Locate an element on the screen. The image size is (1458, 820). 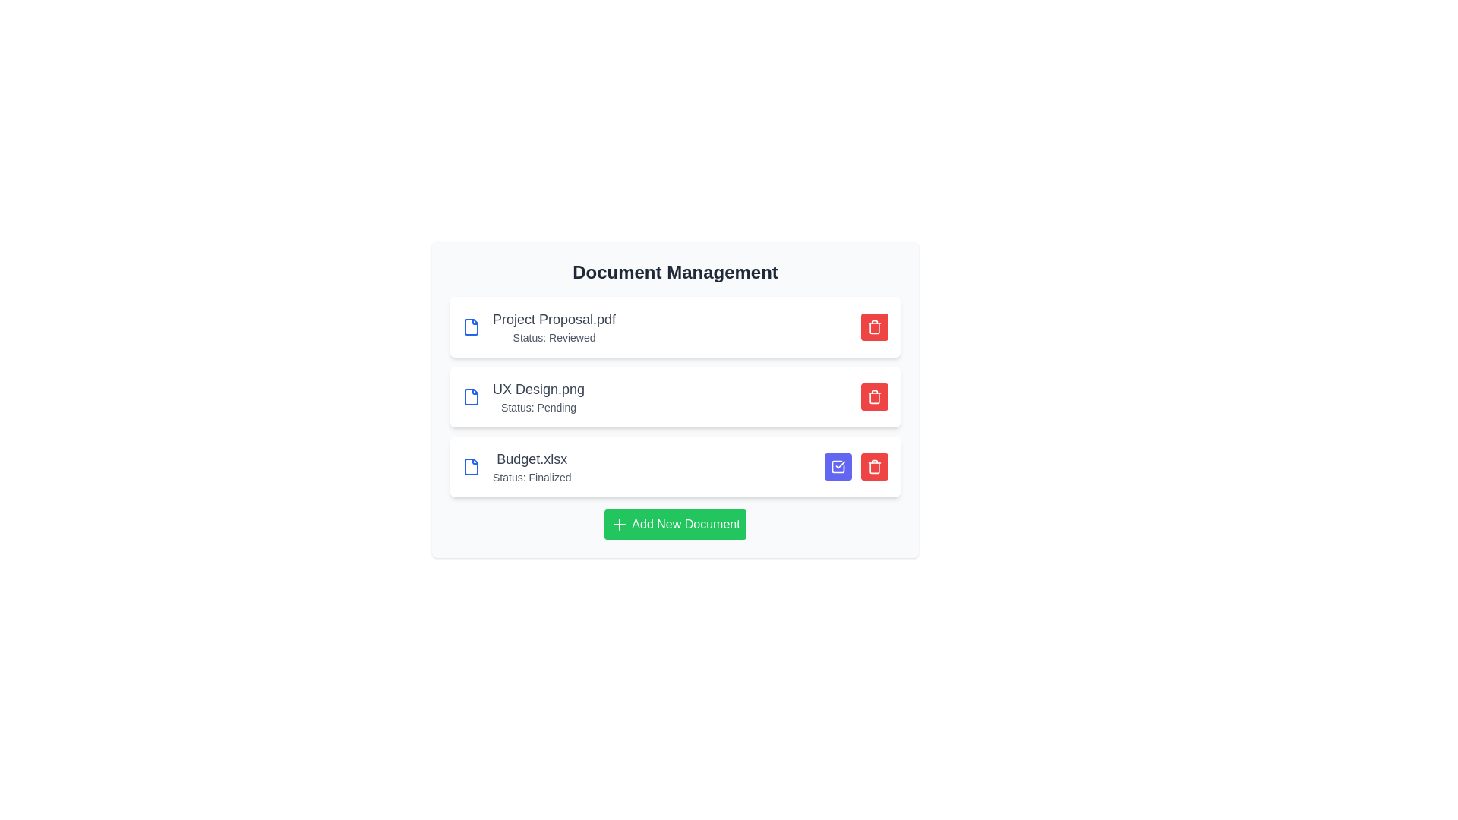
the 'Add New Document' button to add a new document to the list is located at coordinates (674, 523).